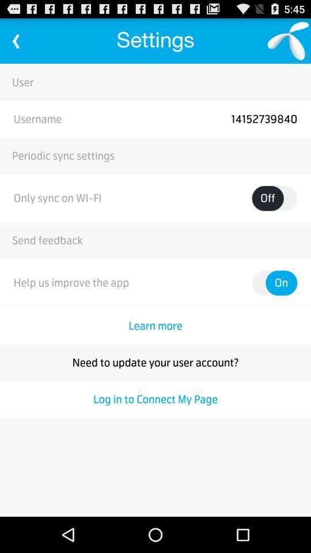 The image size is (311, 553). What do you see at coordinates (155, 399) in the screenshot?
I see `icon below need to update` at bounding box center [155, 399].